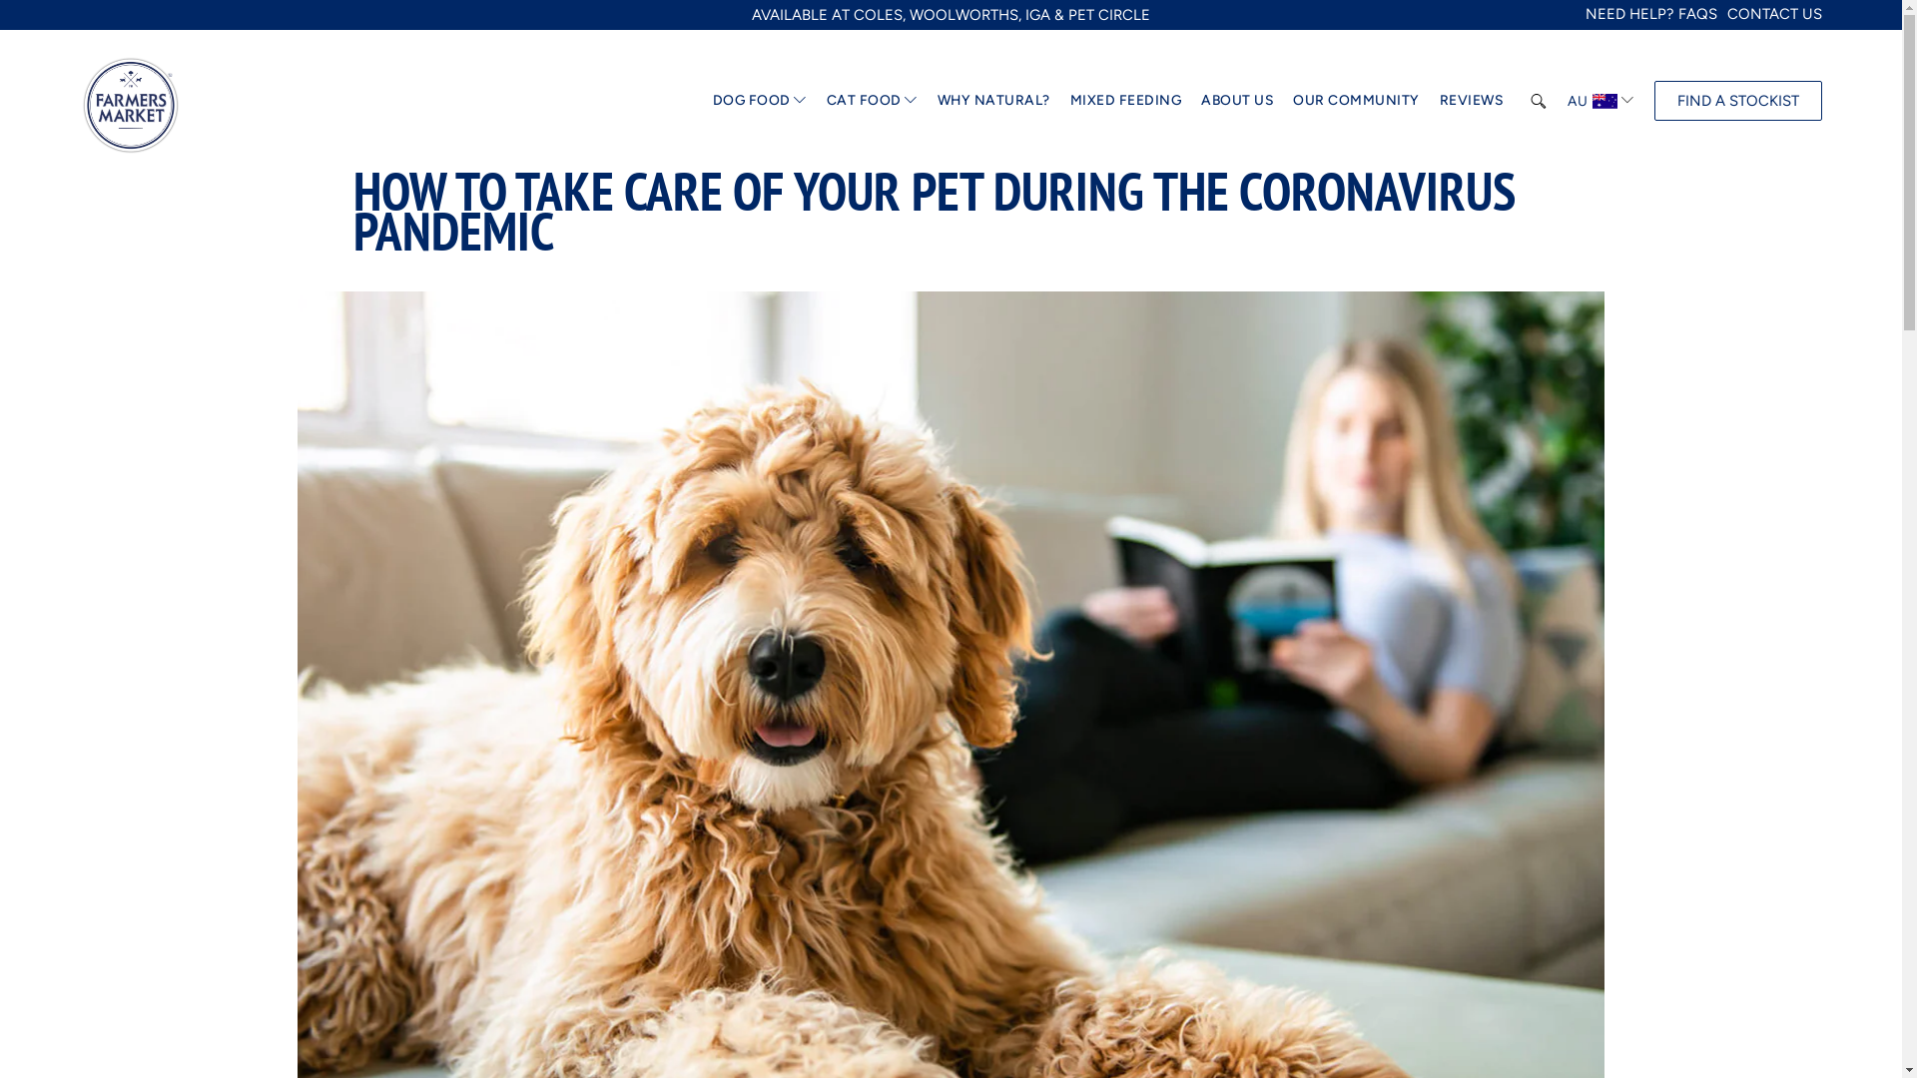 Image resolution: width=1917 pixels, height=1078 pixels. I want to click on 'DOG FOOD', so click(751, 100).